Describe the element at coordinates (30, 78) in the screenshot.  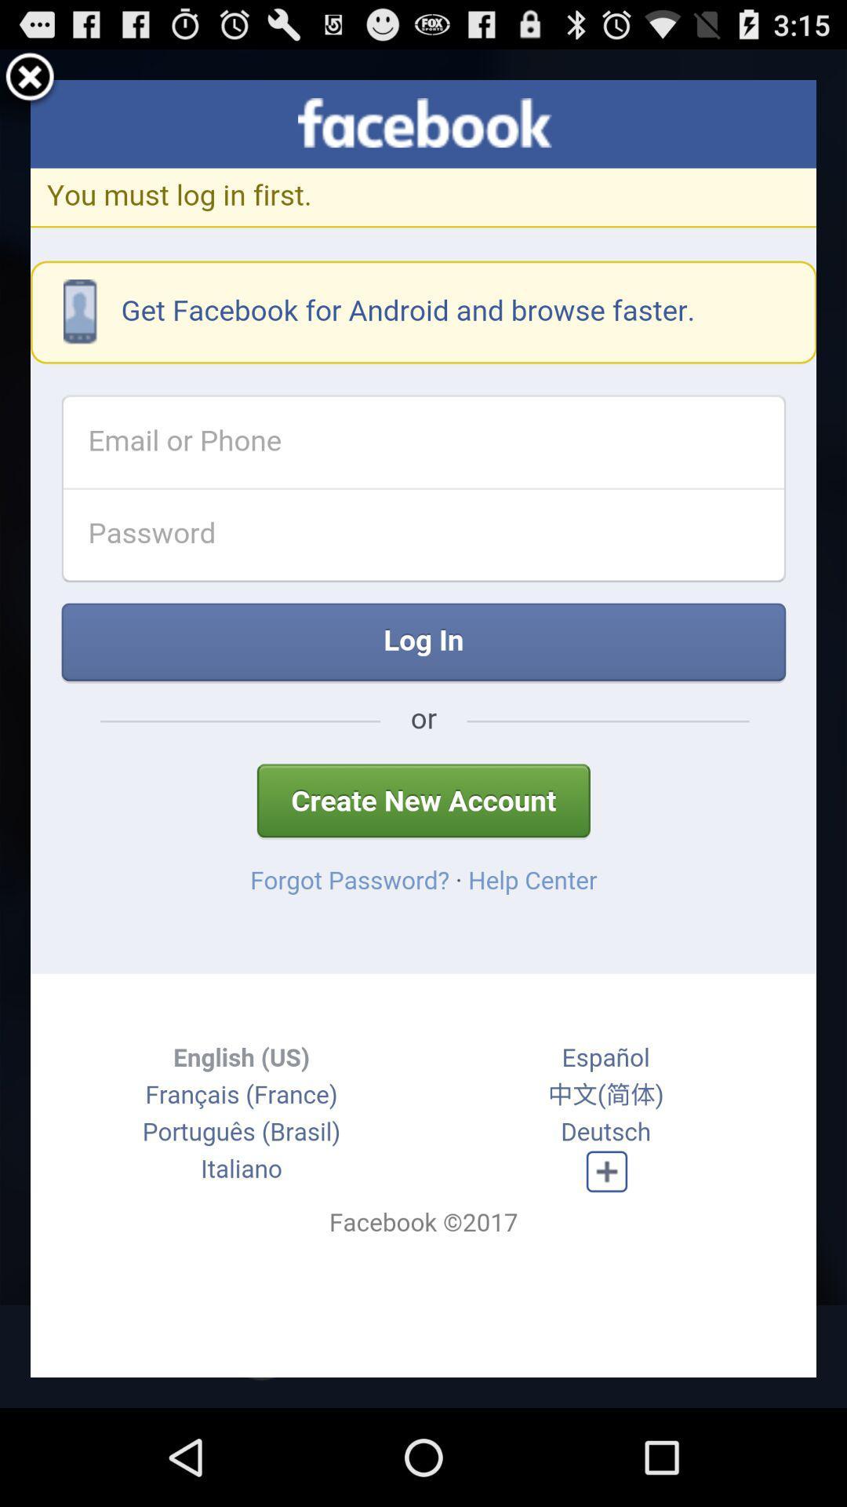
I see `close` at that location.